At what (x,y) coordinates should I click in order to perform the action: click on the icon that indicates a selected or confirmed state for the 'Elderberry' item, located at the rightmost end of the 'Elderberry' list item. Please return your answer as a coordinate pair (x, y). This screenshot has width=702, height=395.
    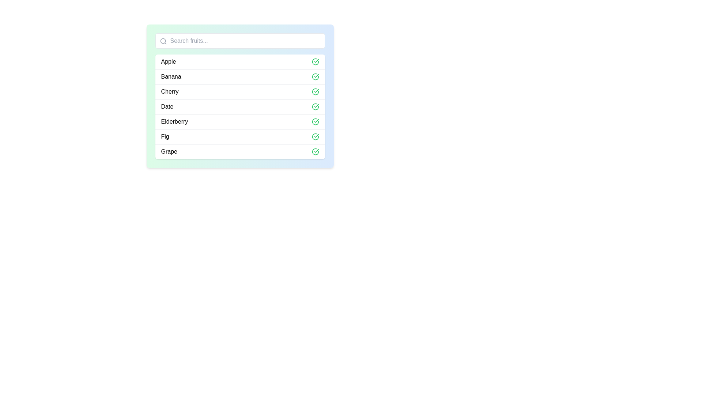
    Looking at the image, I should click on (315, 121).